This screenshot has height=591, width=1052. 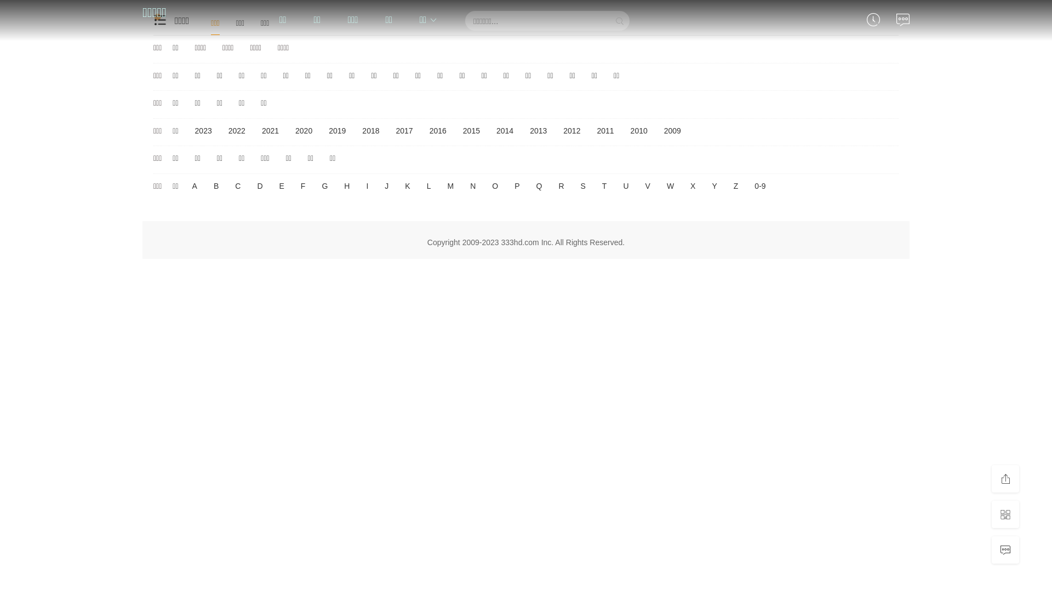 What do you see at coordinates (303, 186) in the screenshot?
I see `'F'` at bounding box center [303, 186].